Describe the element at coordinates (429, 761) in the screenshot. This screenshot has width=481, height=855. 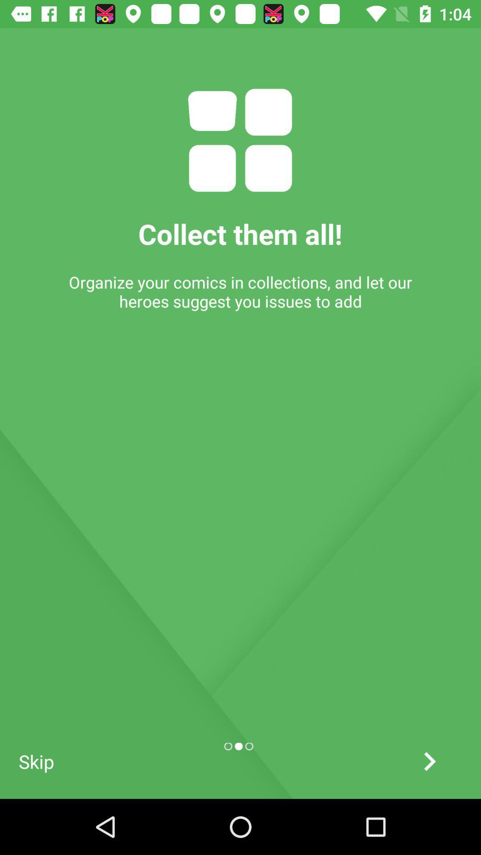
I see `swipe right` at that location.